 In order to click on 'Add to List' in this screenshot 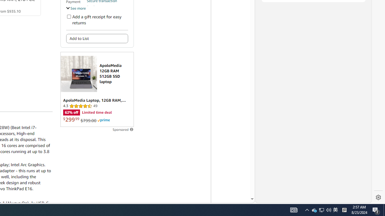, I will do `click(97, 38)`.